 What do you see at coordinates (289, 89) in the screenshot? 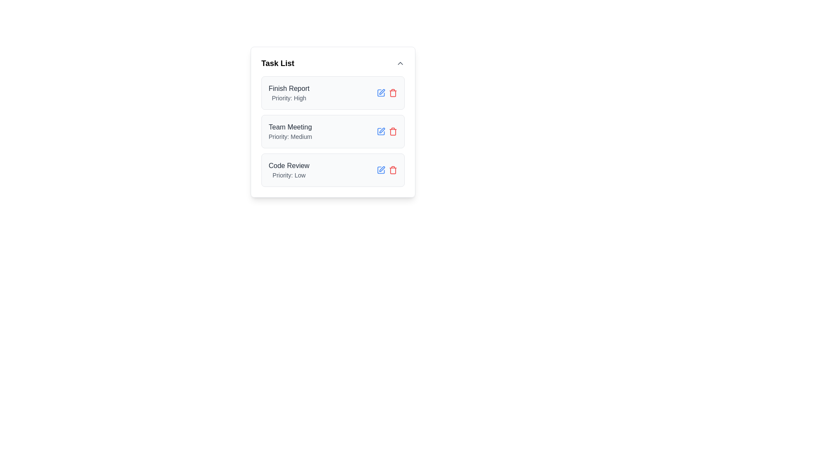
I see `the 'Finish Report' text label, which is the topmost task in the task list layout, displayed in gray-800 font color and medium weight, located above the 'Priority: High' line` at bounding box center [289, 89].